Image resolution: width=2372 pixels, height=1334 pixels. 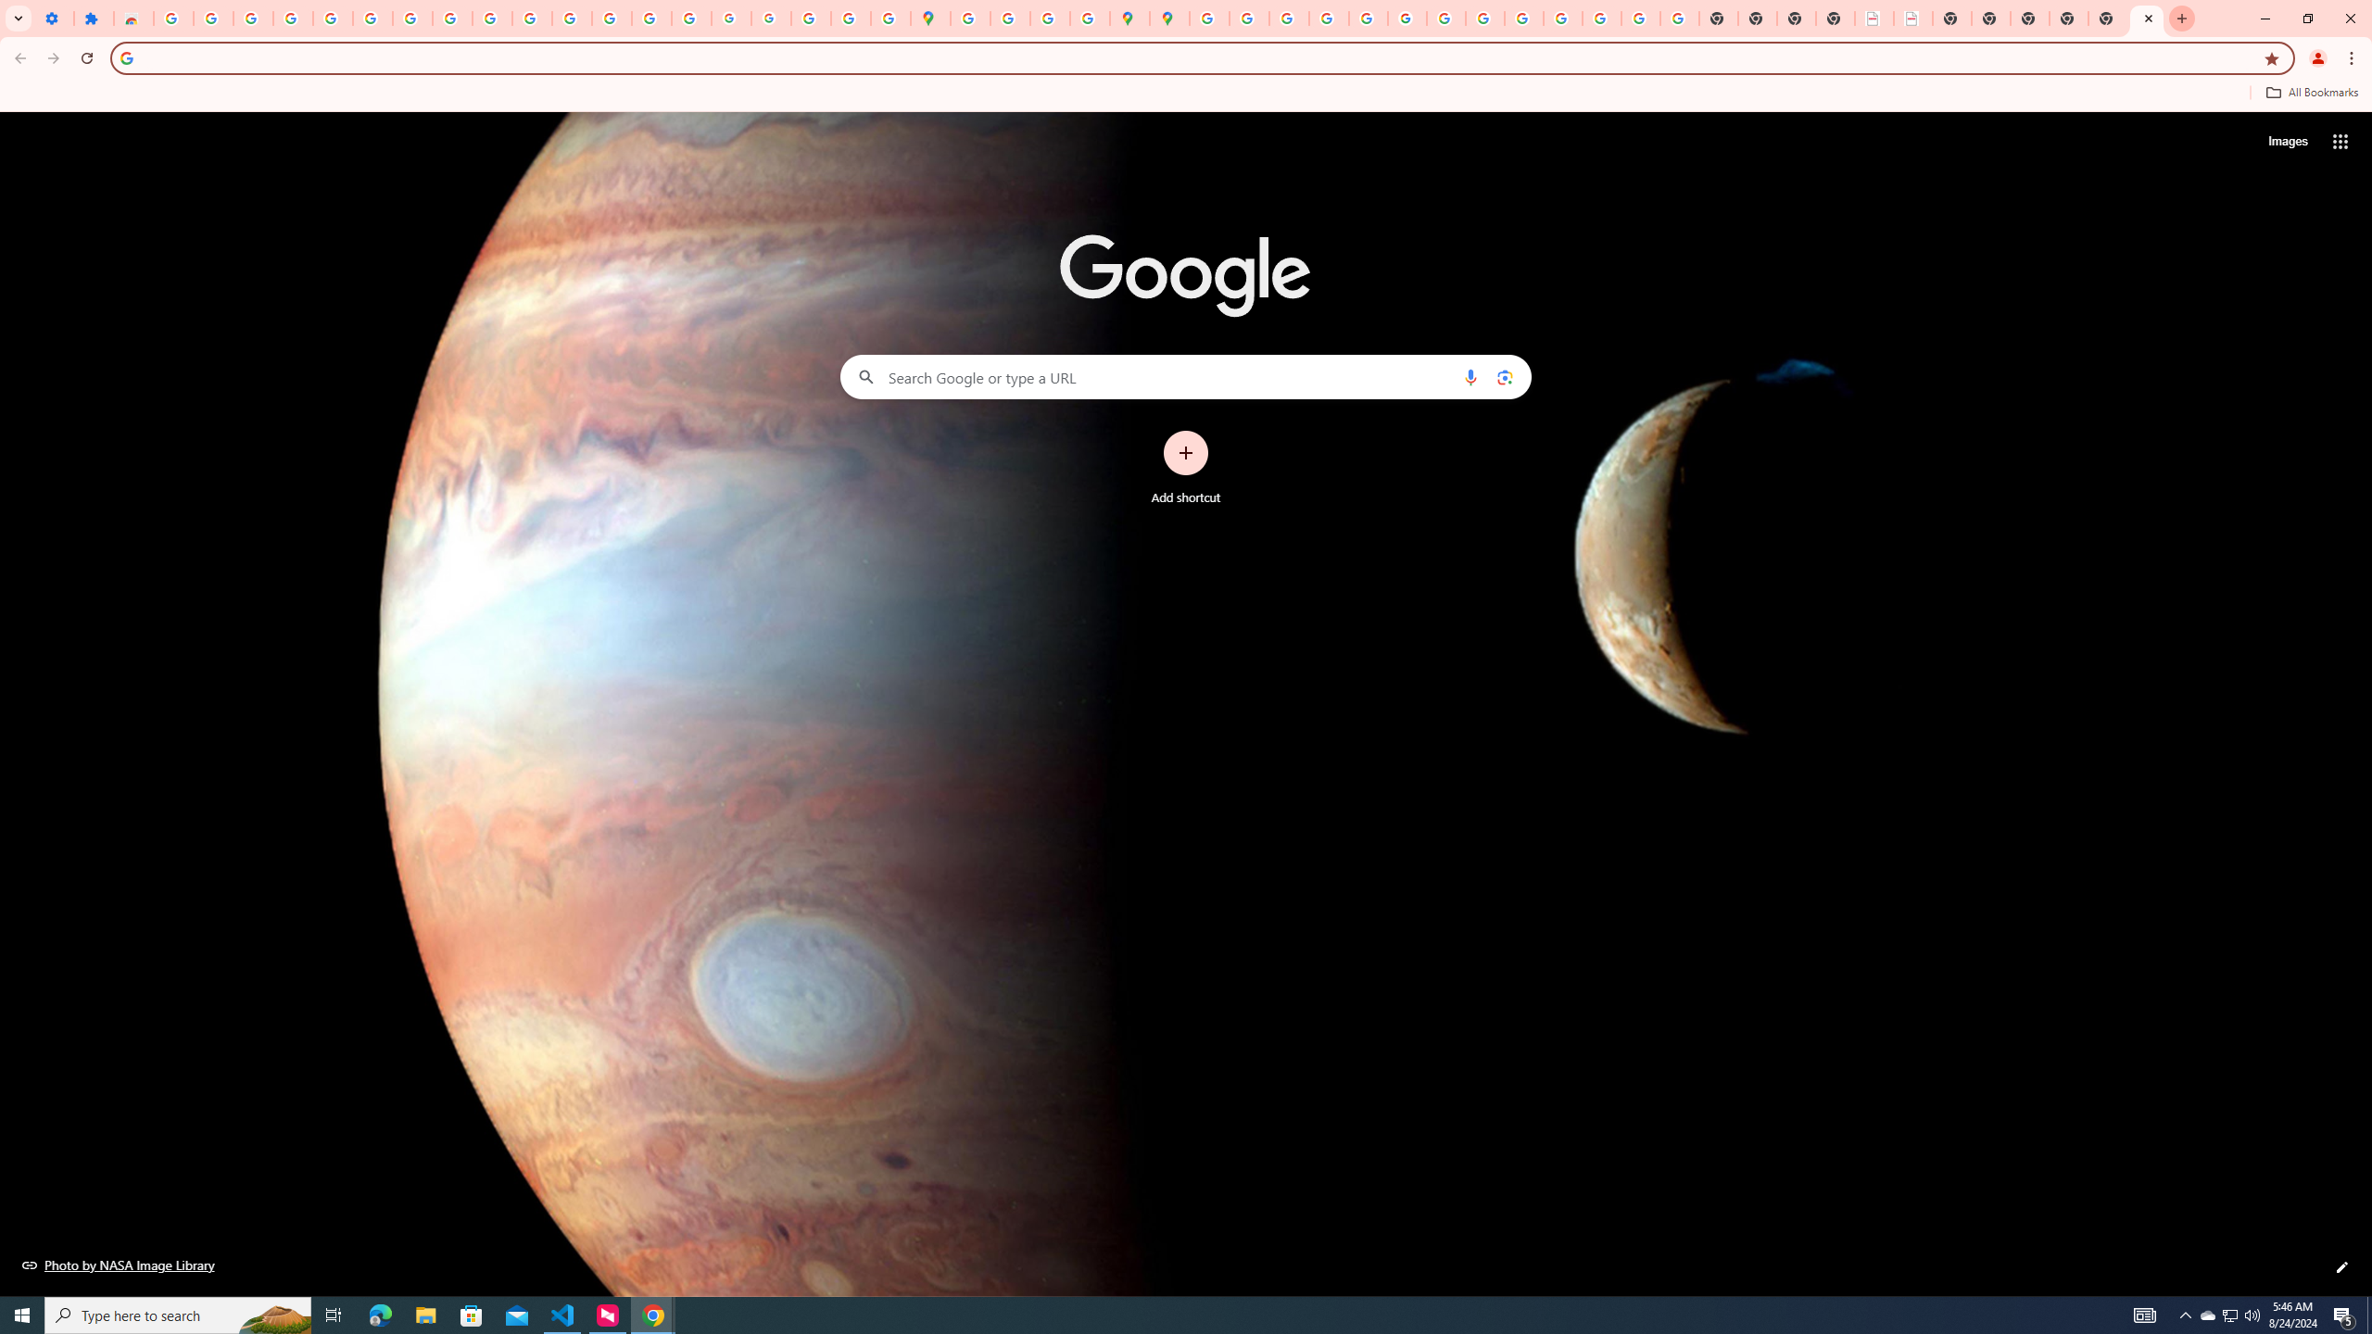 What do you see at coordinates (172, 18) in the screenshot?
I see `'Sign in - Google Accounts'` at bounding box center [172, 18].